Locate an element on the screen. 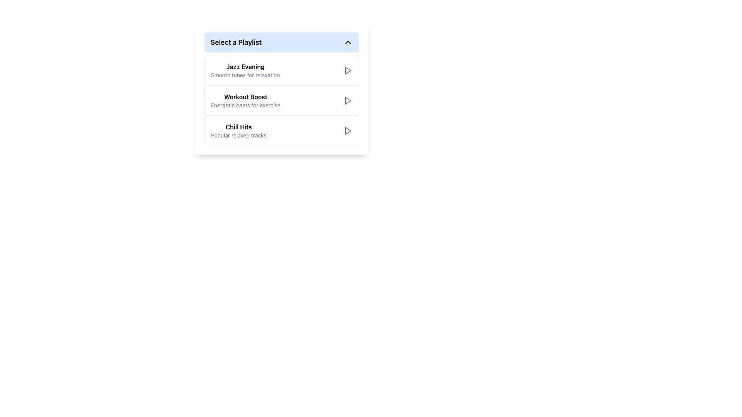 The width and height of the screenshot is (742, 417). the play icon, which is a right-facing triangle located on the right side of the 'Workout Boost' list item to play the playlist is located at coordinates (348, 100).